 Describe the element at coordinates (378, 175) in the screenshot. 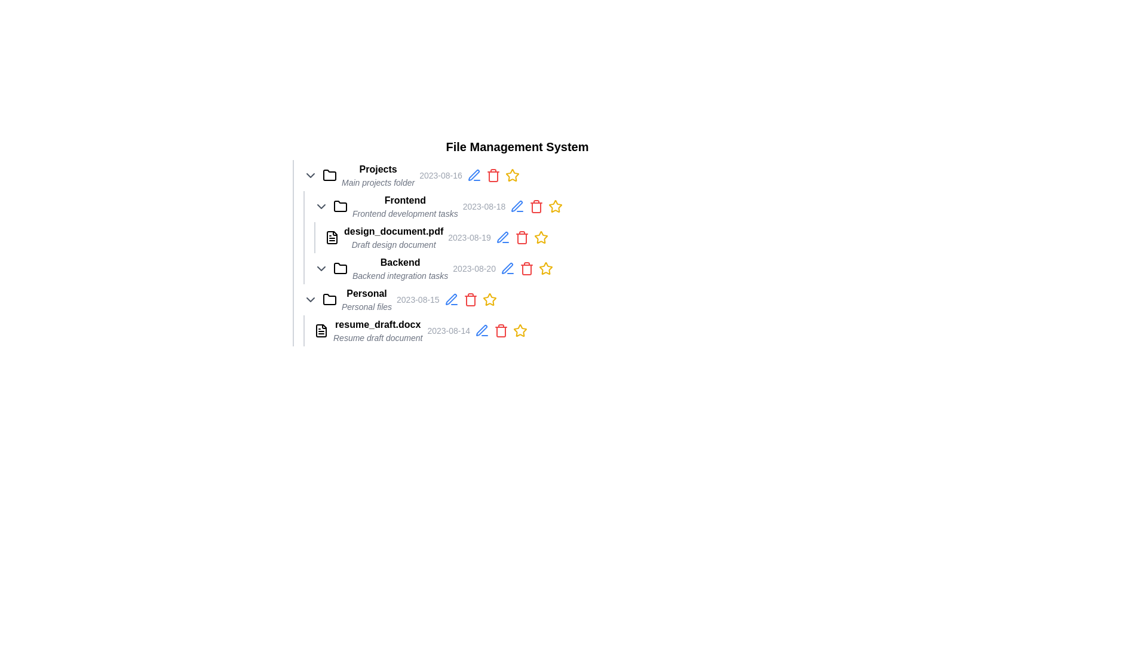

I see `the top-level Text label displaying the folder name and description` at that location.